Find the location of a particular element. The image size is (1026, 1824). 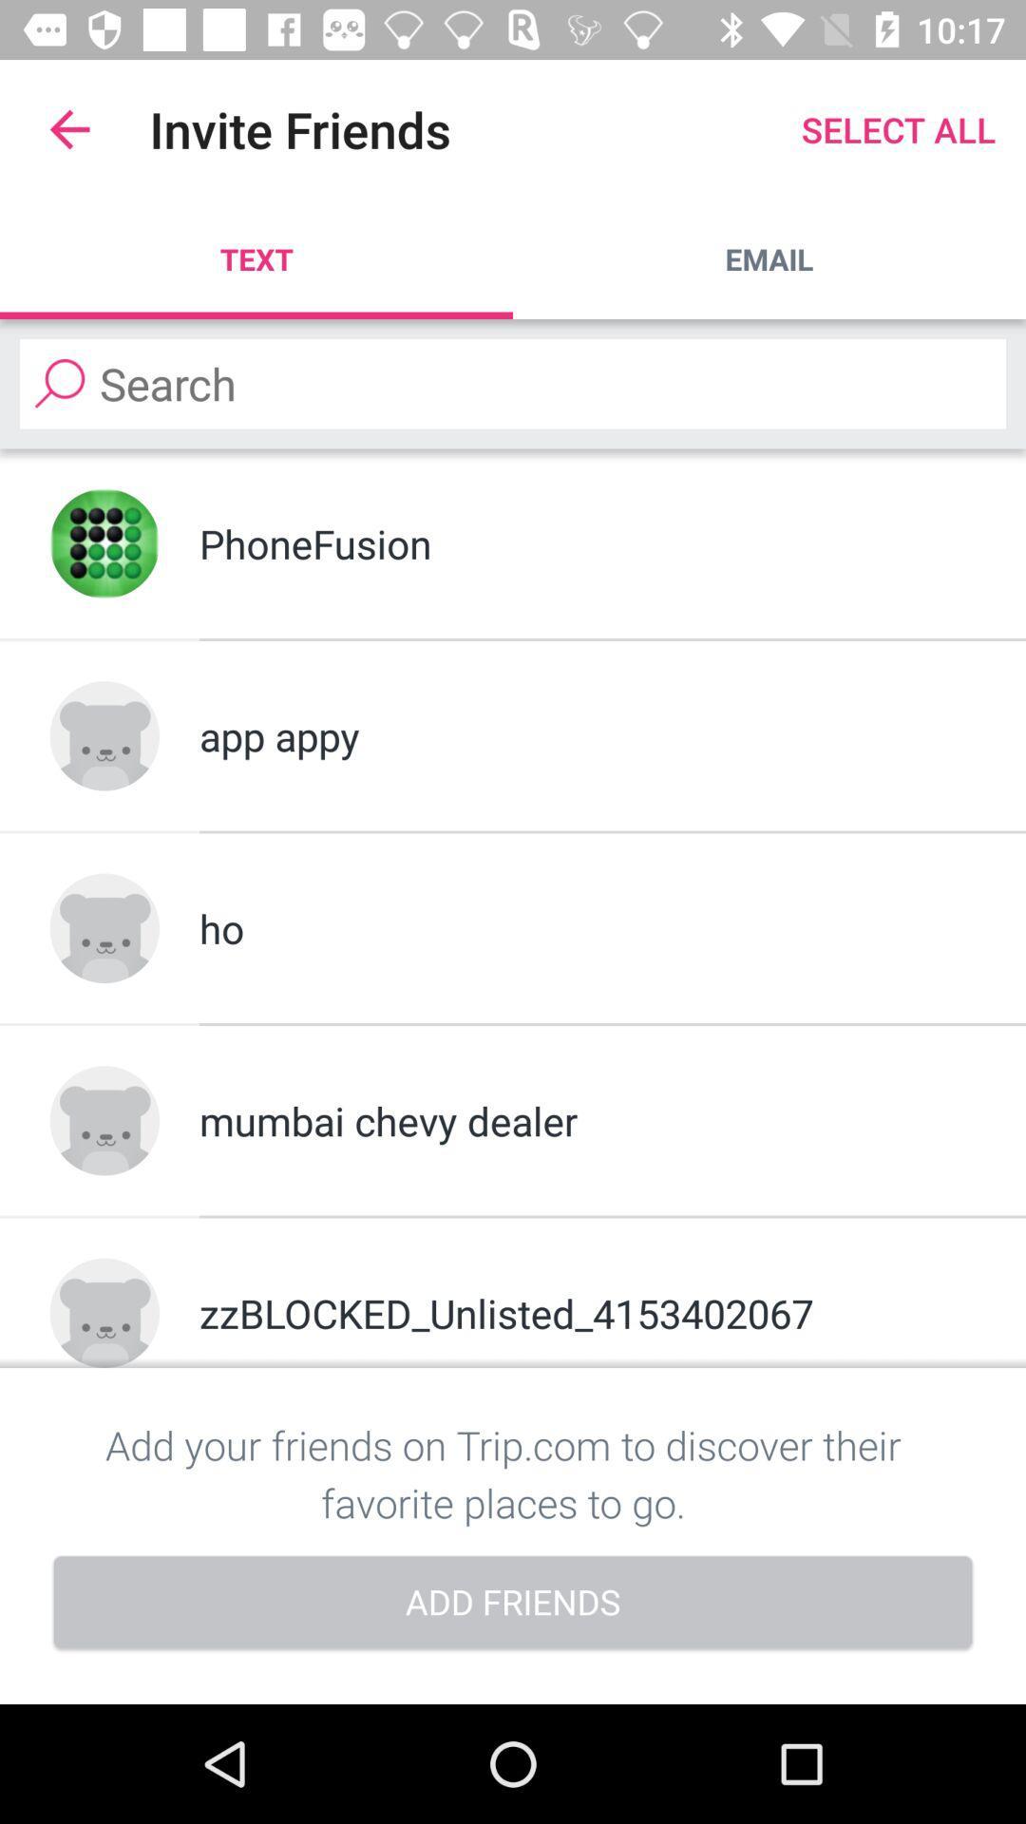

app to the left of the invite friends item is located at coordinates (68, 128).